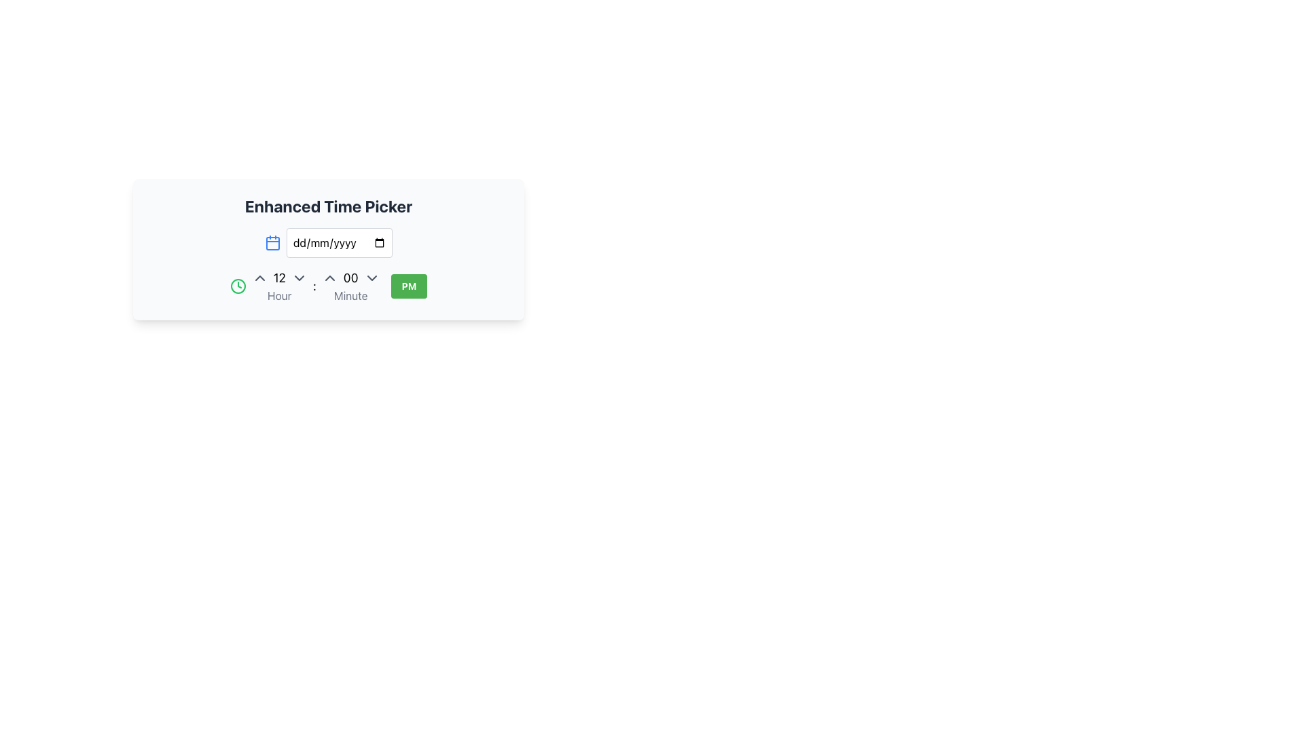  Describe the element at coordinates (238, 285) in the screenshot. I see `the green circular clock icon that displays an analog clock face with hands pointing to 12 and 3, located to the left of the time-selection area, adjacent to the hour selection section` at that location.